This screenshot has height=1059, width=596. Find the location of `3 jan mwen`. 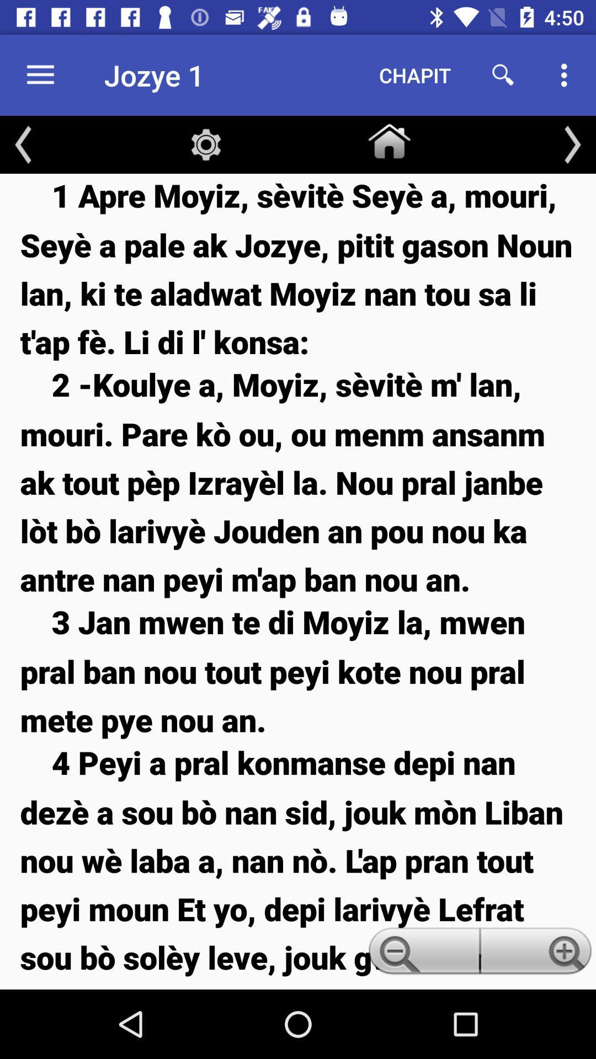

3 jan mwen is located at coordinates (298, 670).